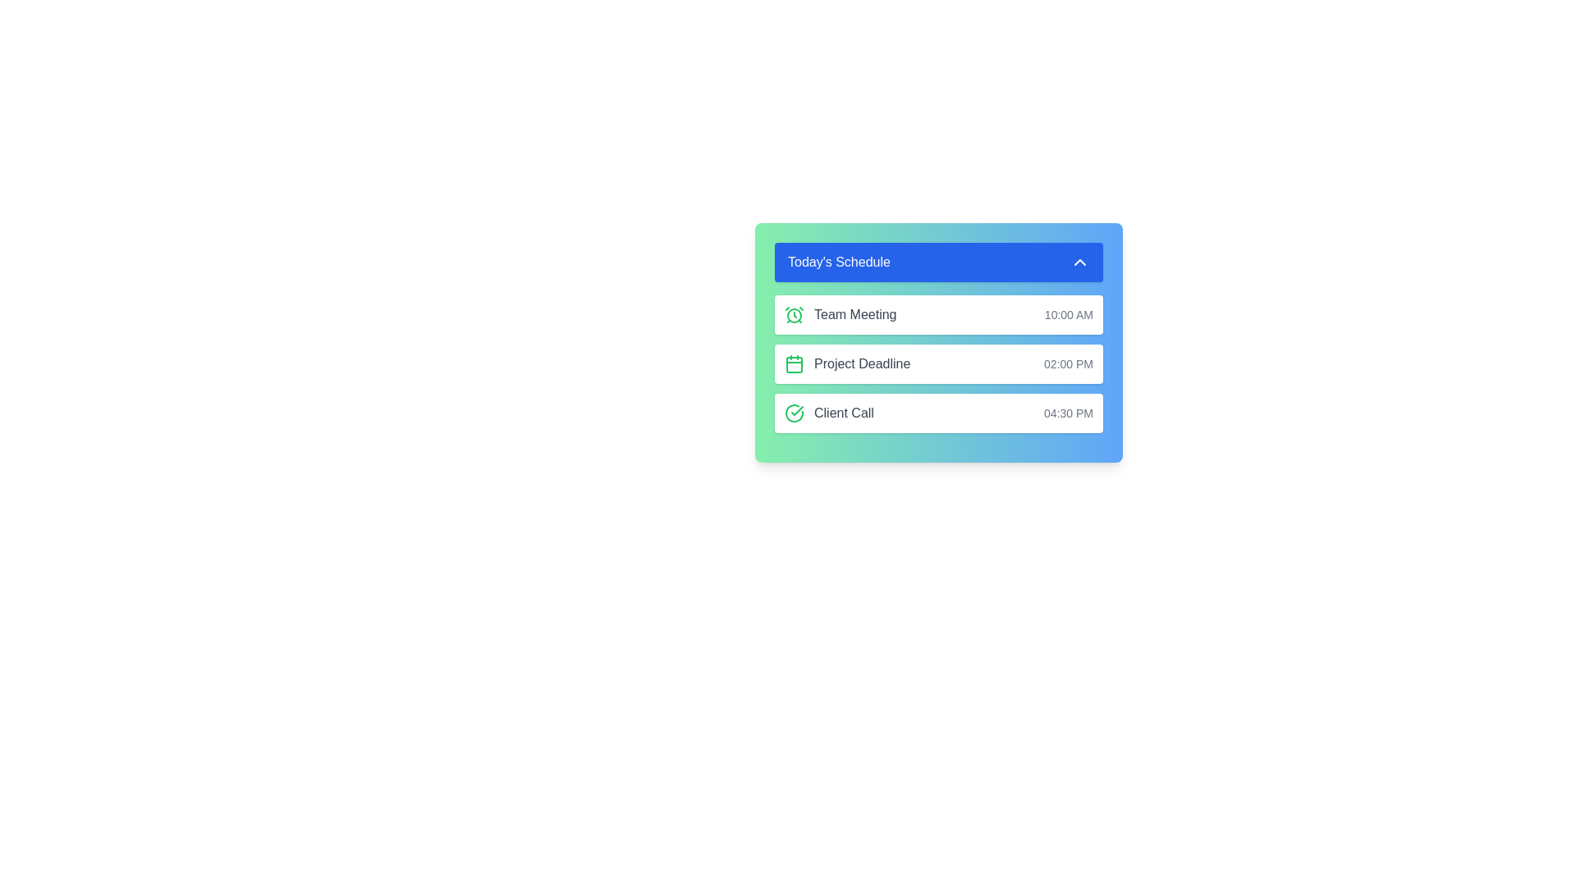 Image resolution: width=1576 pixels, height=886 pixels. Describe the element at coordinates (840, 315) in the screenshot. I see `the text of the schedule item 'Team Meeting' to select it` at that location.